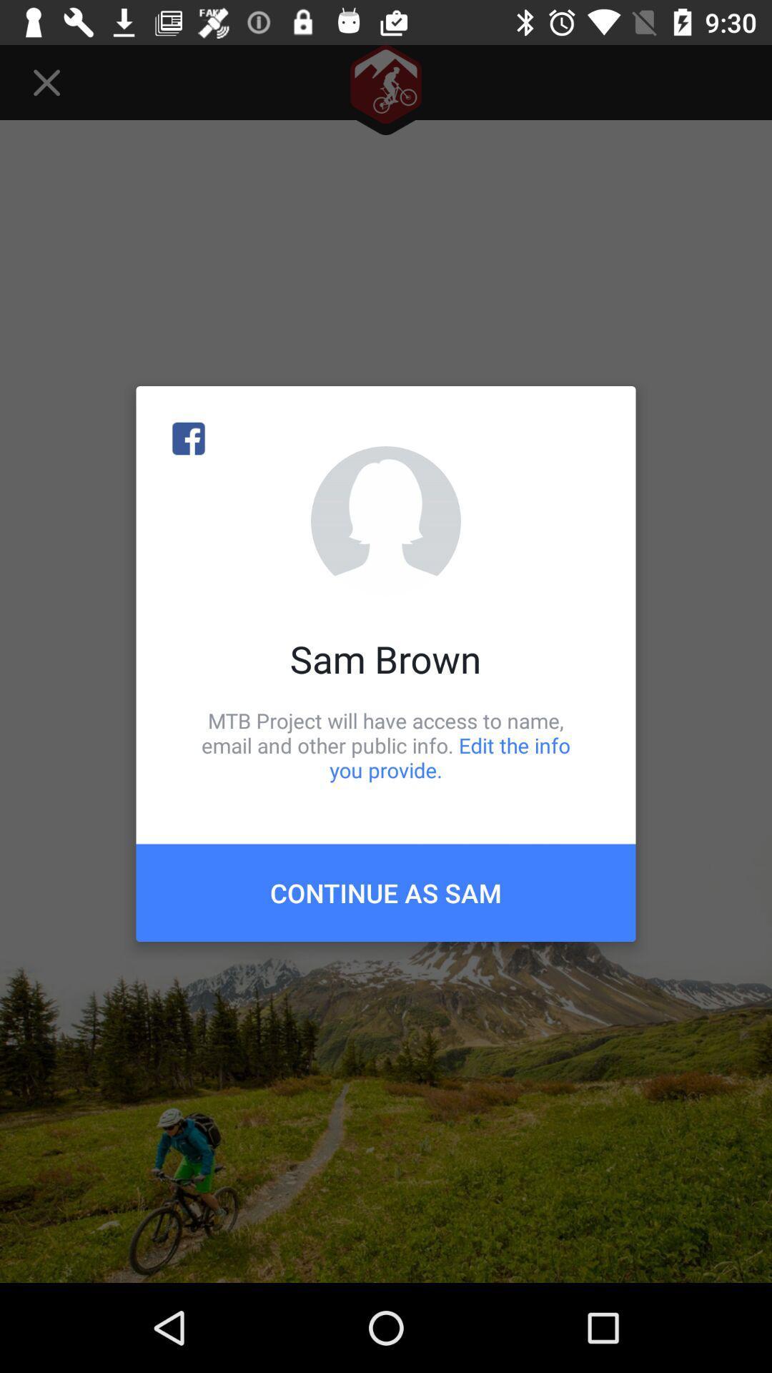 This screenshot has height=1373, width=772. I want to click on continue as sam, so click(386, 892).